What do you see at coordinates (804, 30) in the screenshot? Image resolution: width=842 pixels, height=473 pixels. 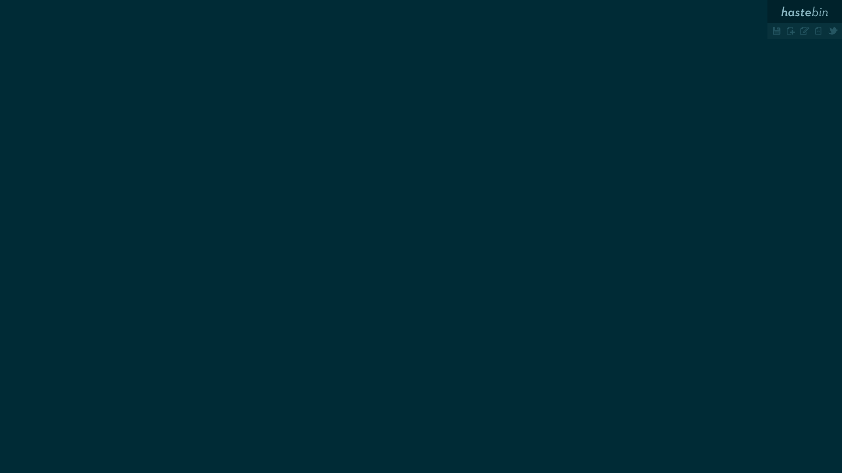 I see `'Duplicate & Edit'` at bounding box center [804, 30].